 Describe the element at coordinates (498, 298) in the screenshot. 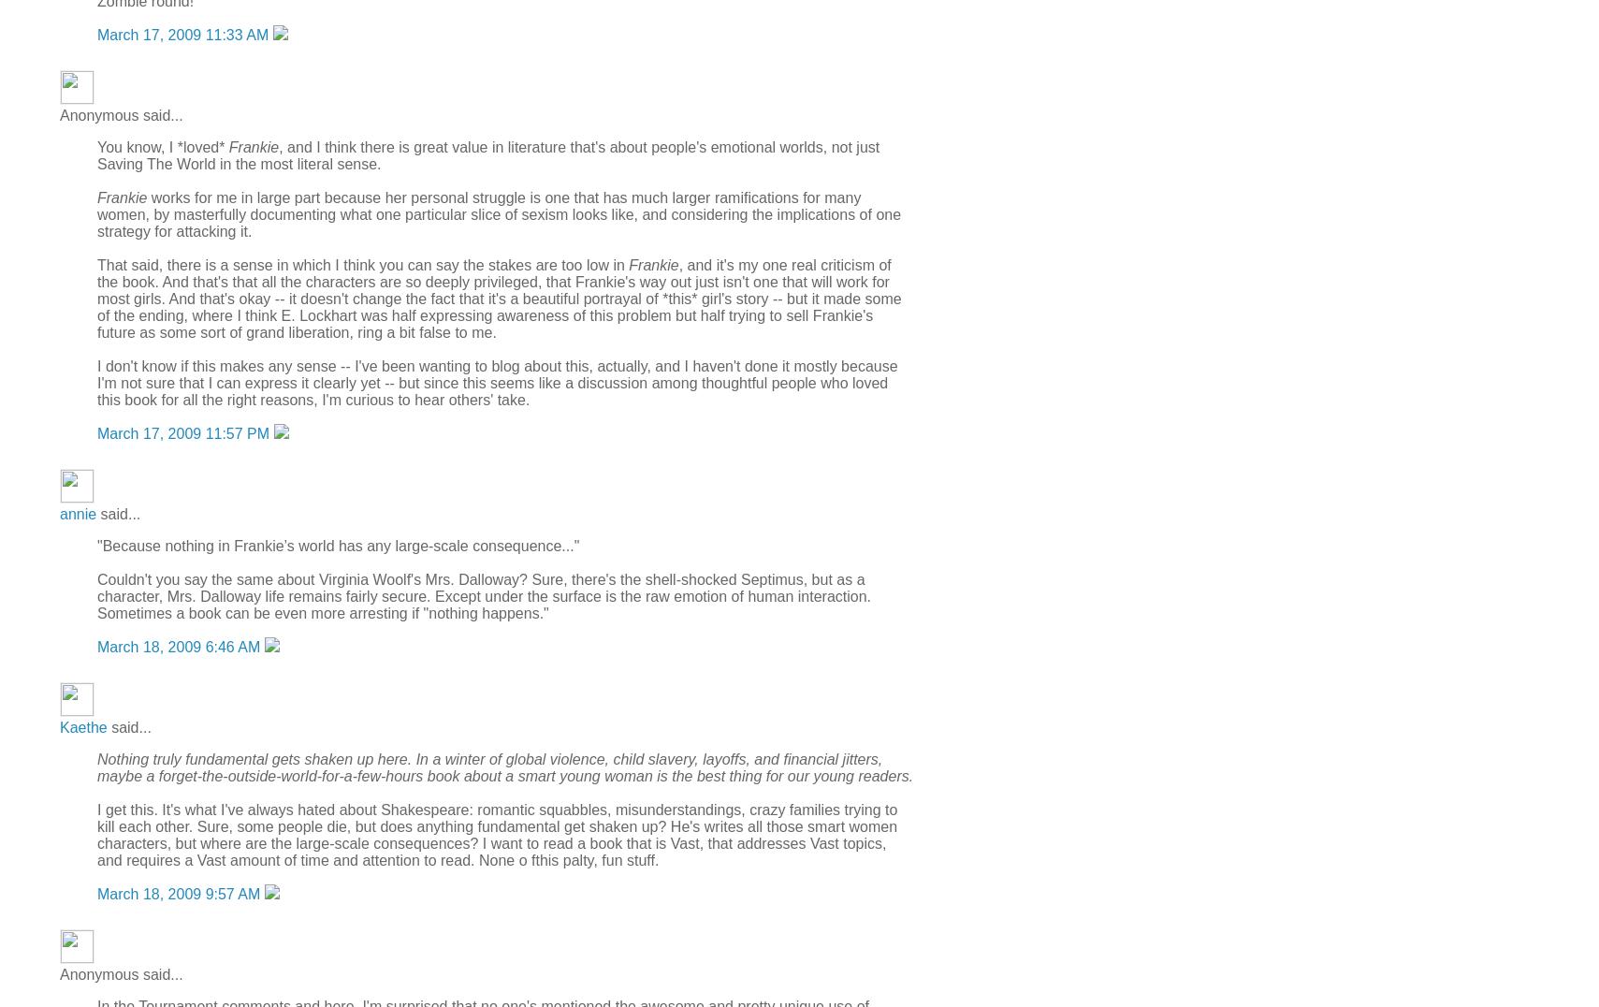

I see `', and it's my one real criticism of the book. And that's that all the characters are so deeply privileged, that Frankie's way out just isn't one that will work for most girls. And that's okay -- it doesn't change the fact that it's a beautiful portrayal of *this* girl's story -- but it made some of the ending, where I think E. Lockhart was half expressing awareness of this problem but half trying to sell Frankie's future as some sort of grand liberation, ring a bit false to me.'` at that location.